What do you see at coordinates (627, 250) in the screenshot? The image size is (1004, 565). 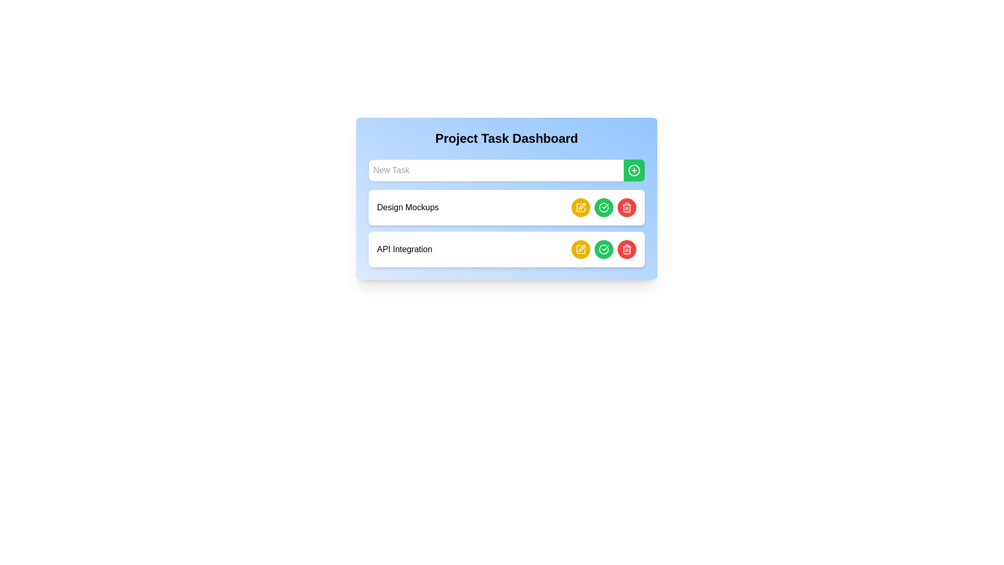 I see `the red circular button with a white trash bin icon` at bounding box center [627, 250].